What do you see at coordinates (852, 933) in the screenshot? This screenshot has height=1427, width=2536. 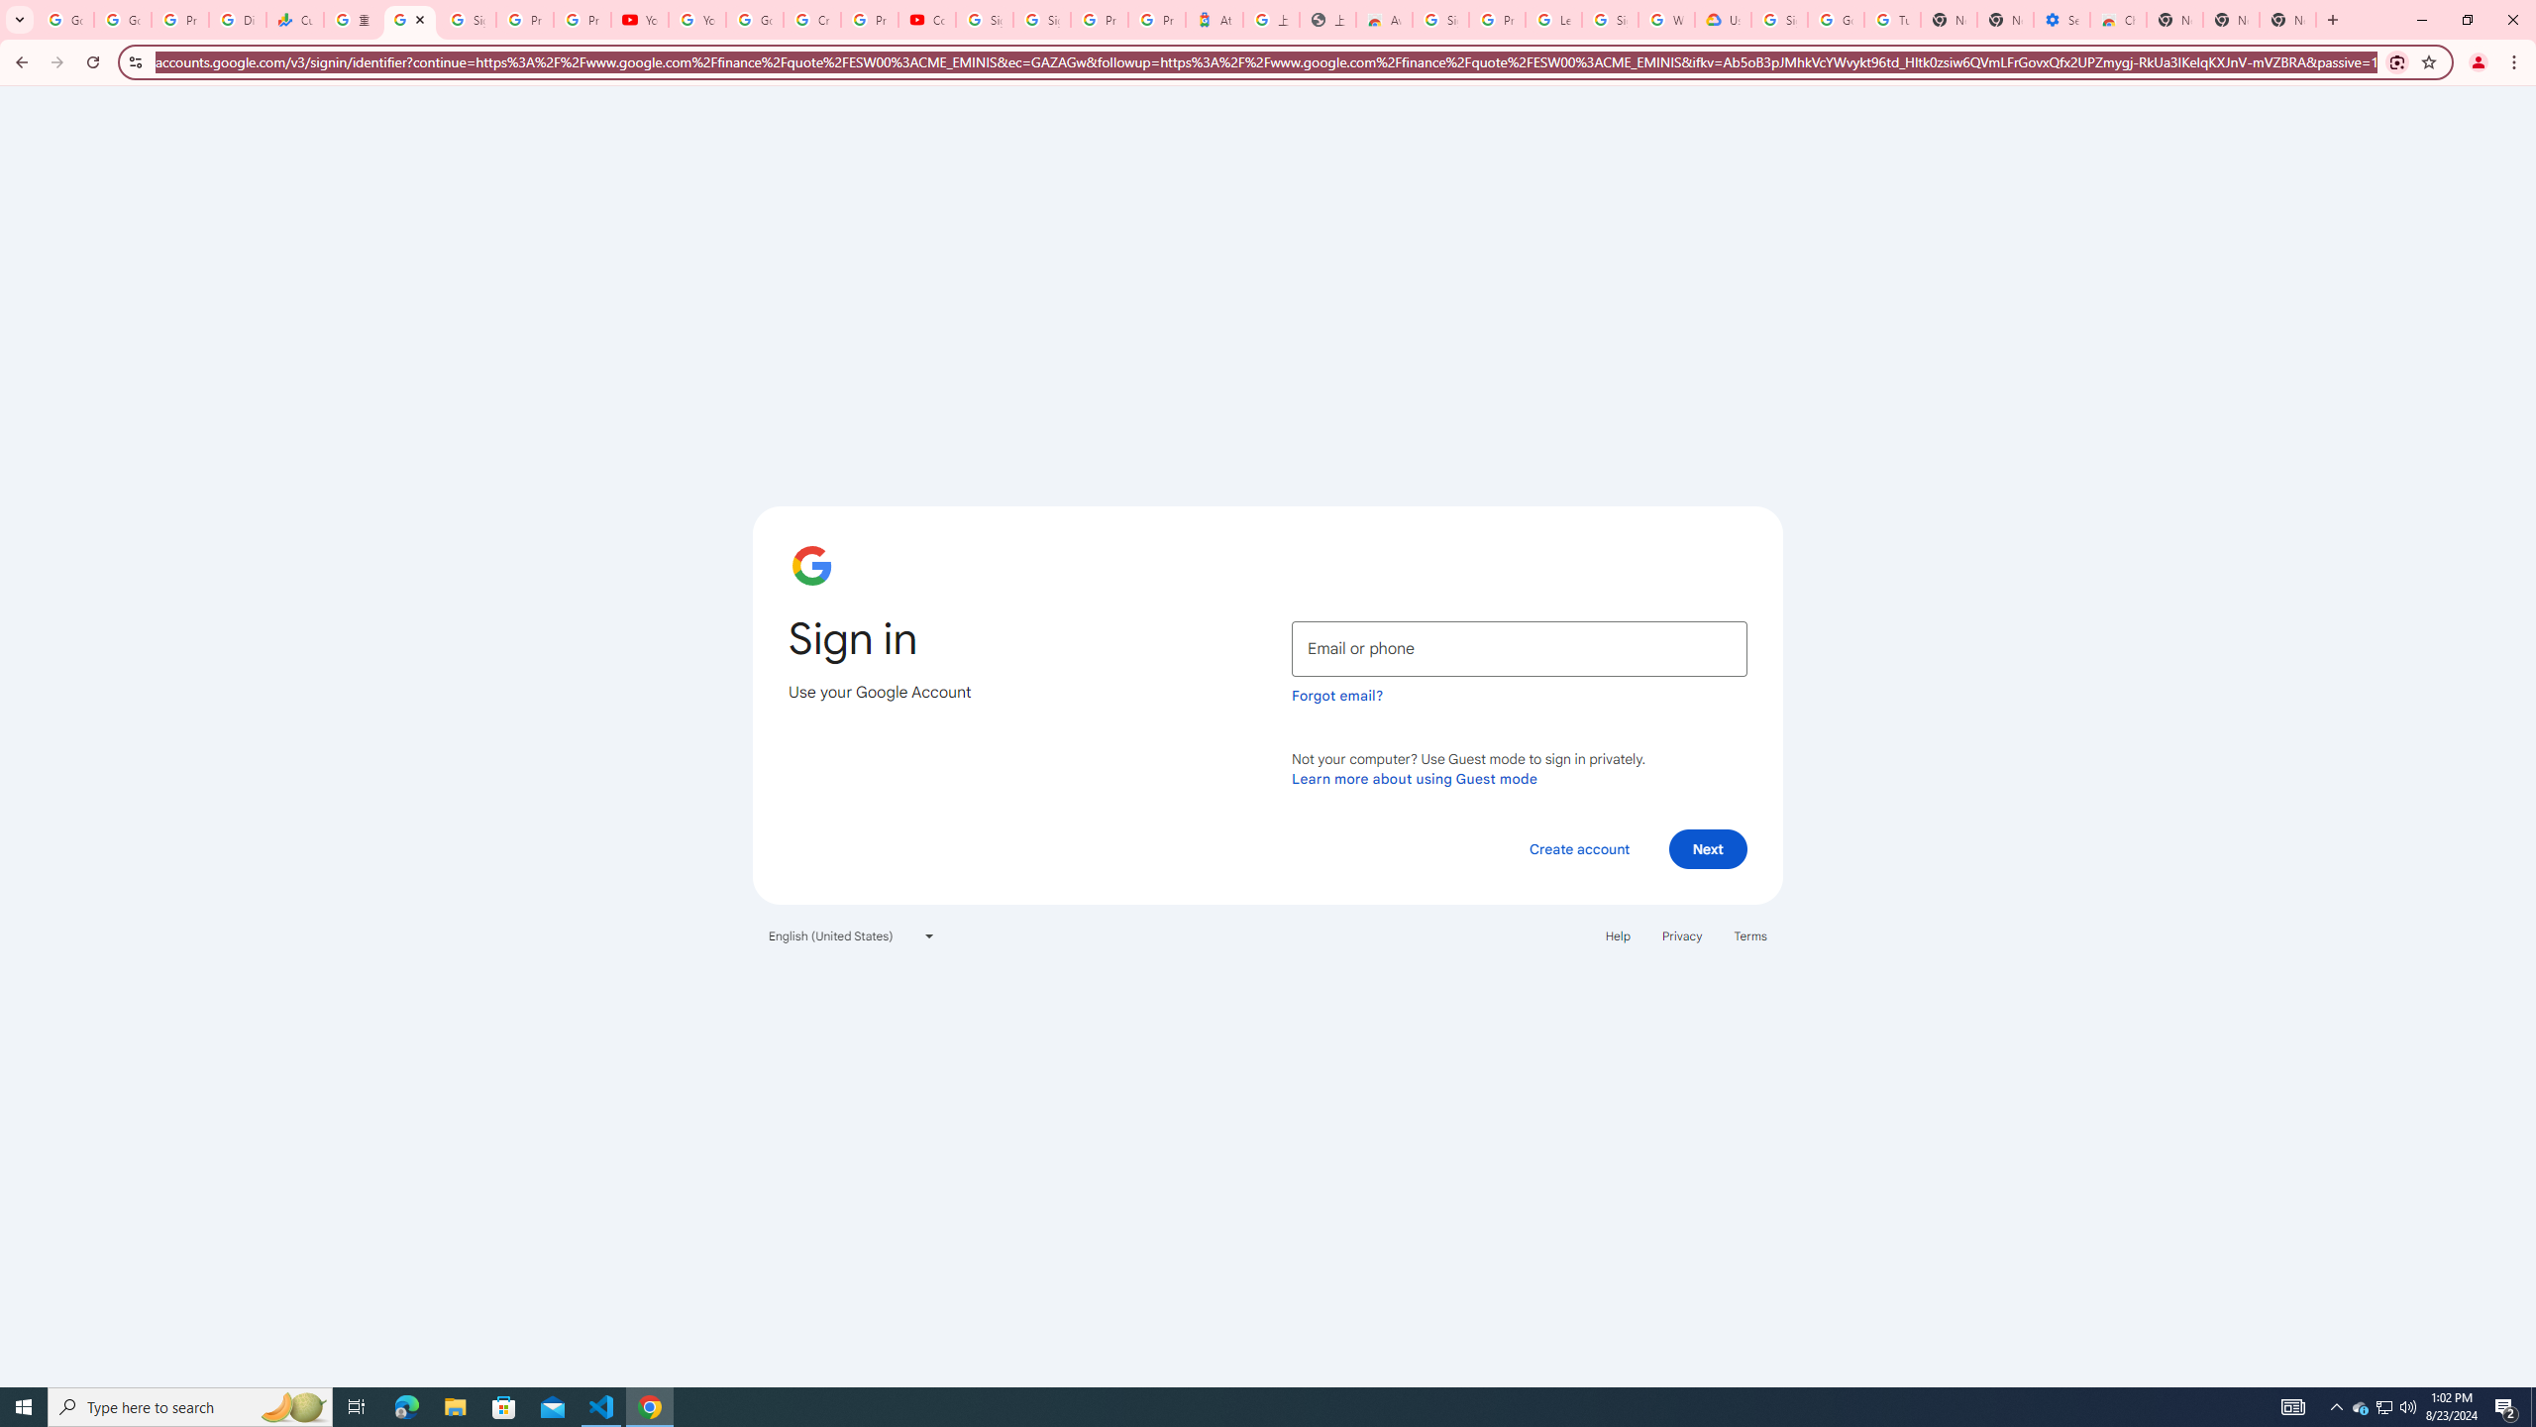 I see `'English (United States)'` at bounding box center [852, 933].